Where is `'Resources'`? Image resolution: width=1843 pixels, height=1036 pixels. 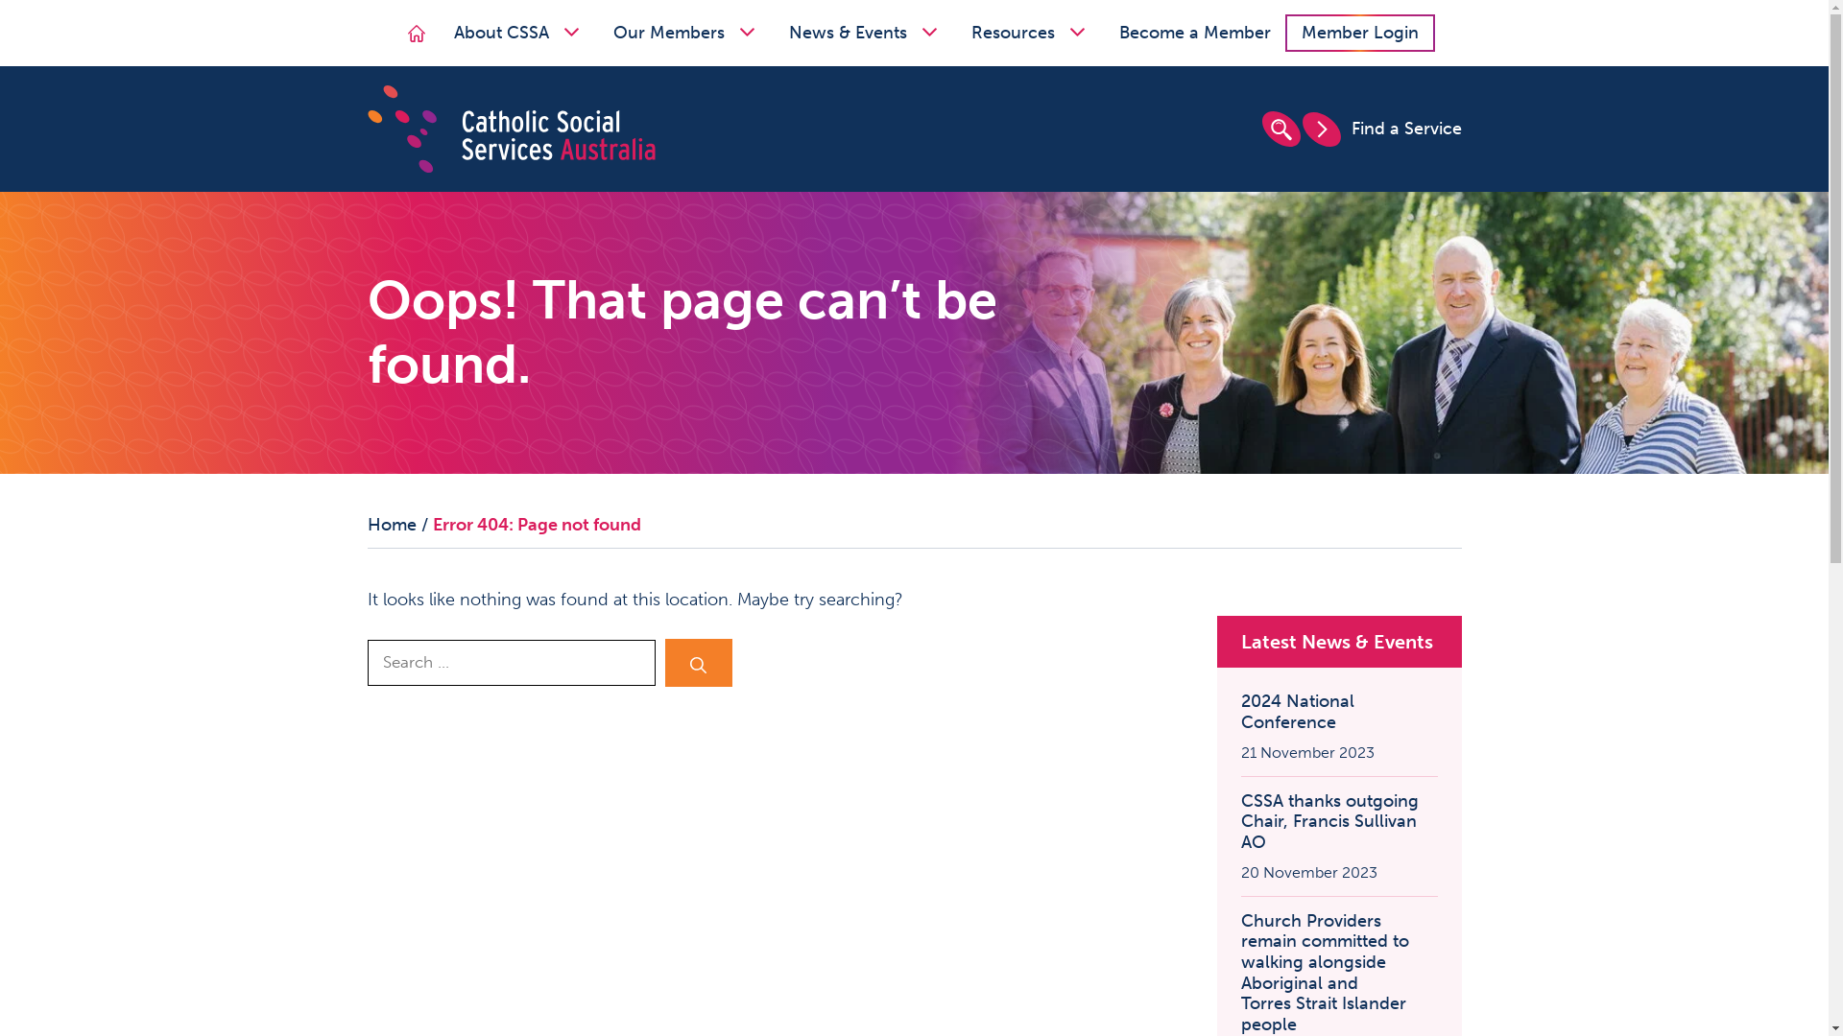 'Resources' is located at coordinates (1030, 33).